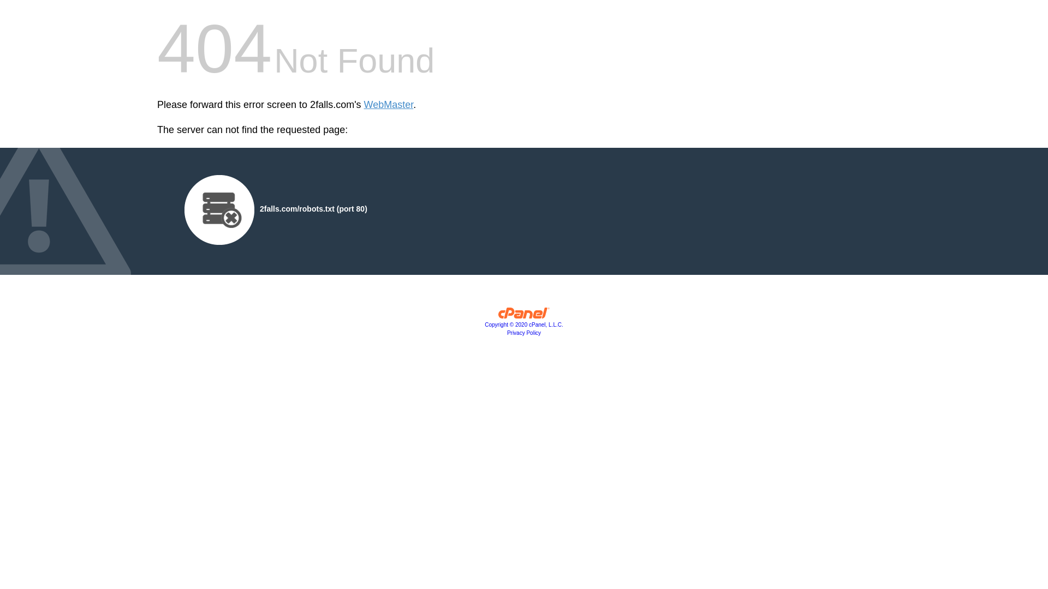 The image size is (1048, 589). I want to click on 'Privacy Policy', so click(524, 332).